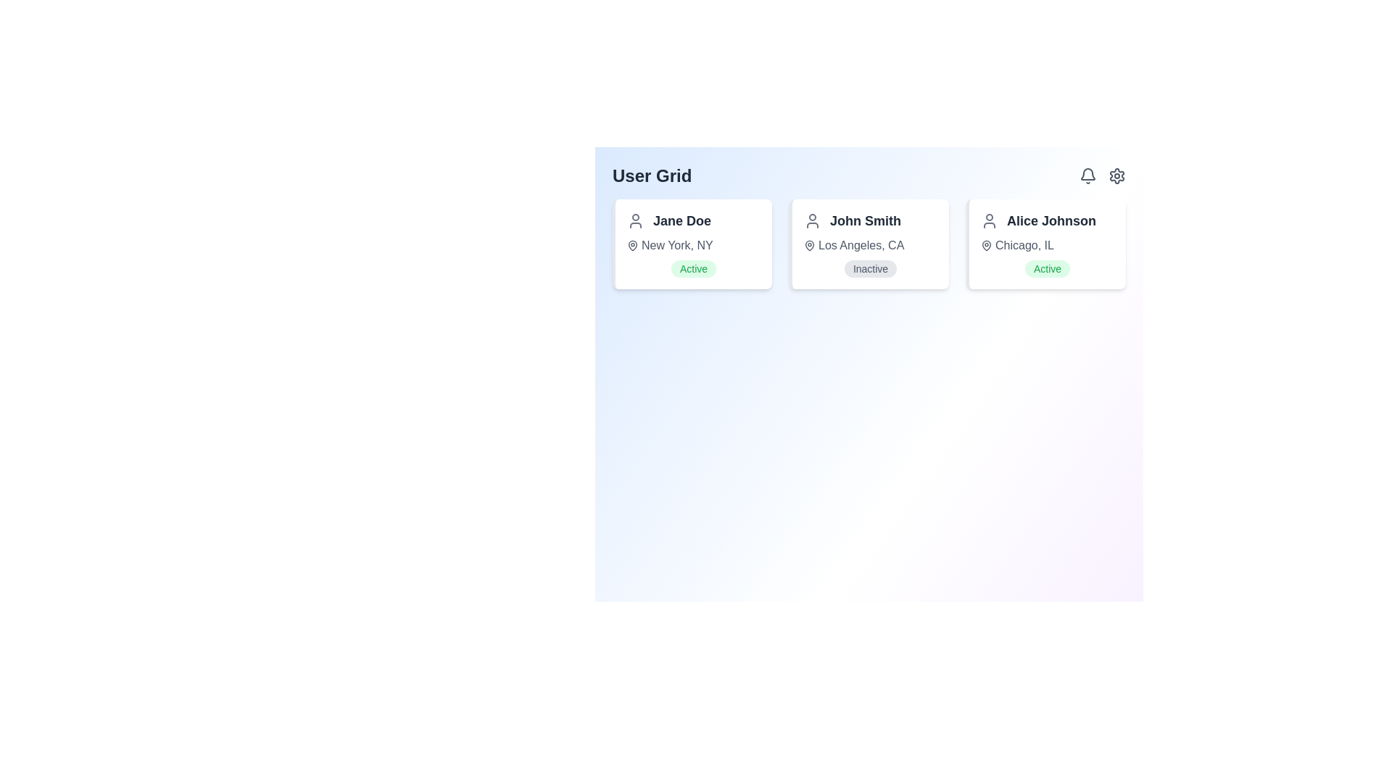 Image resolution: width=1392 pixels, height=783 pixels. I want to click on Text label displaying the user's name, located in the top-left card of the 'User Grid', adjacent to the user profile icon, above the location 'New York, NY' and the status 'Active', so click(692, 220).